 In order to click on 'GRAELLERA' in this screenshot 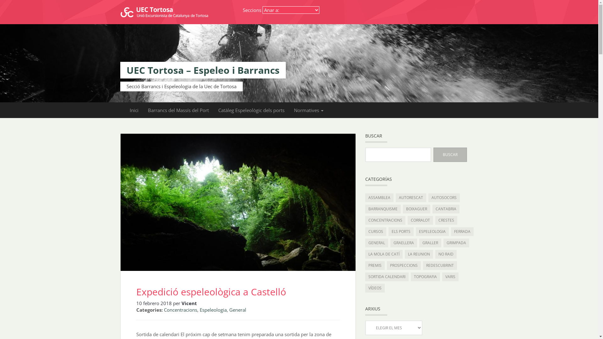, I will do `click(403, 243)`.